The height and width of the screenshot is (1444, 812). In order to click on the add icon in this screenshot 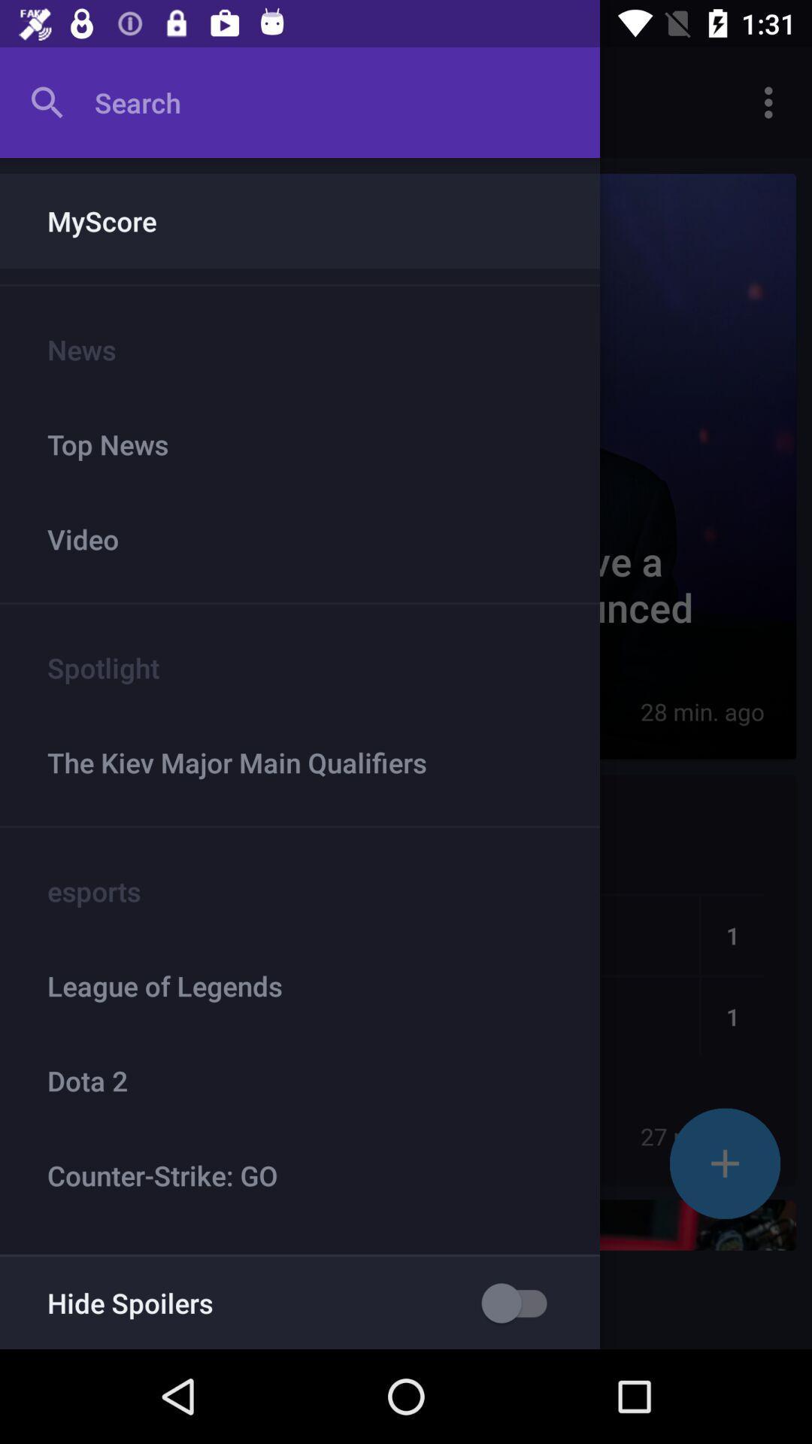, I will do `click(724, 1163)`.